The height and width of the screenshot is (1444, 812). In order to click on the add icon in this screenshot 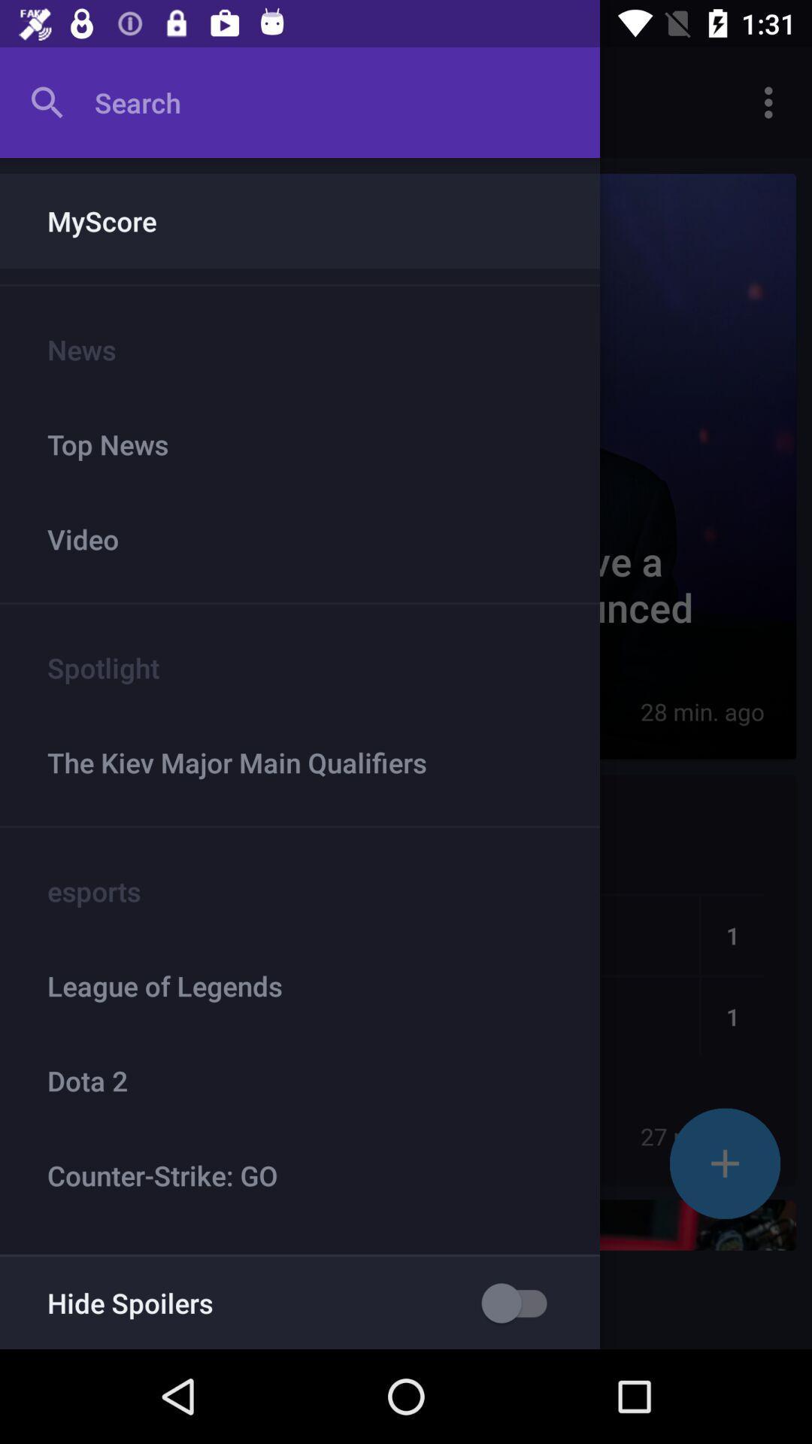, I will do `click(724, 1163)`.